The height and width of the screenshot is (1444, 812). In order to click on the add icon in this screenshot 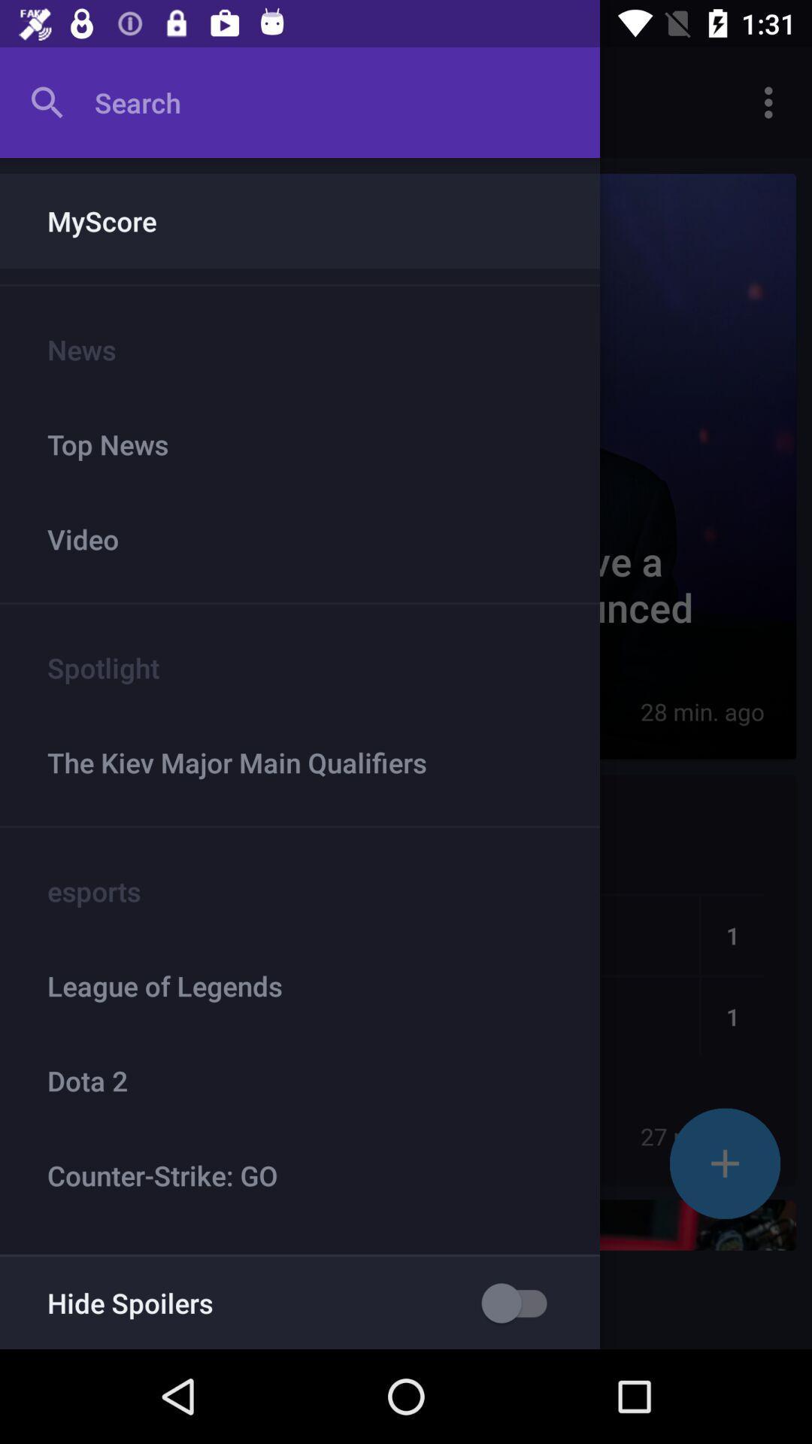, I will do `click(724, 1163)`.